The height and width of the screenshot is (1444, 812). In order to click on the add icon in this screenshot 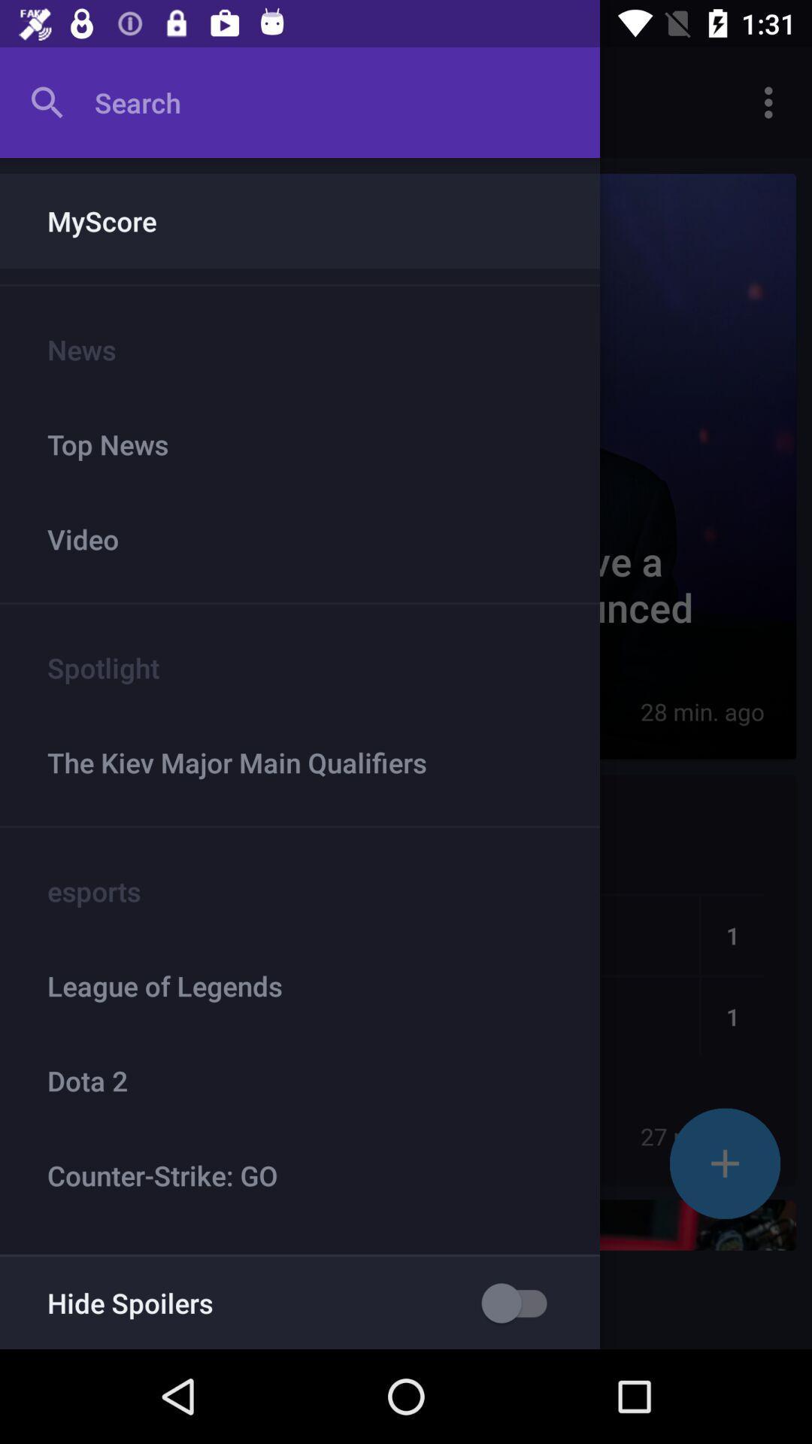, I will do `click(724, 1163)`.